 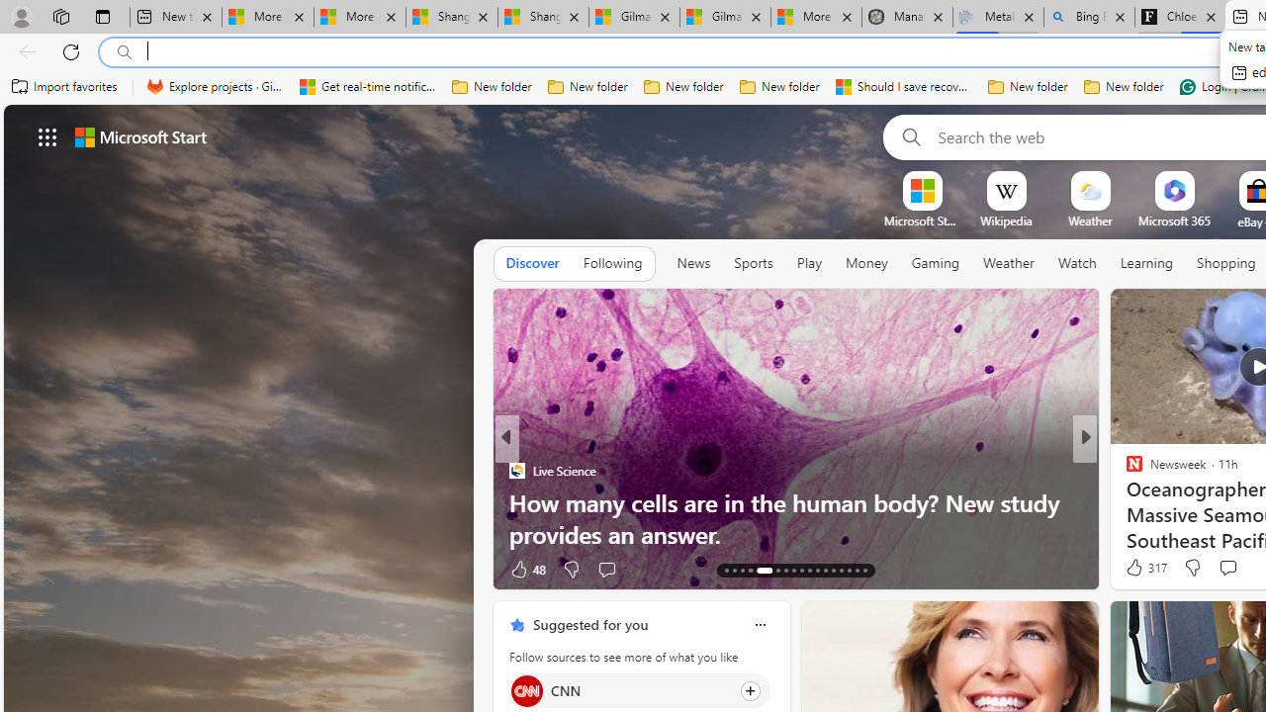 I want to click on 'News', so click(x=693, y=263).